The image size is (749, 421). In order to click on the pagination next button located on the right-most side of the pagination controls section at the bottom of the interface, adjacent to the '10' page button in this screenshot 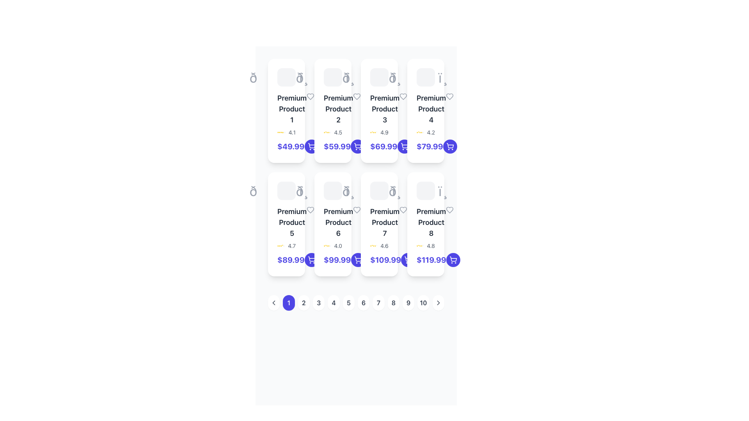, I will do `click(438, 302)`.